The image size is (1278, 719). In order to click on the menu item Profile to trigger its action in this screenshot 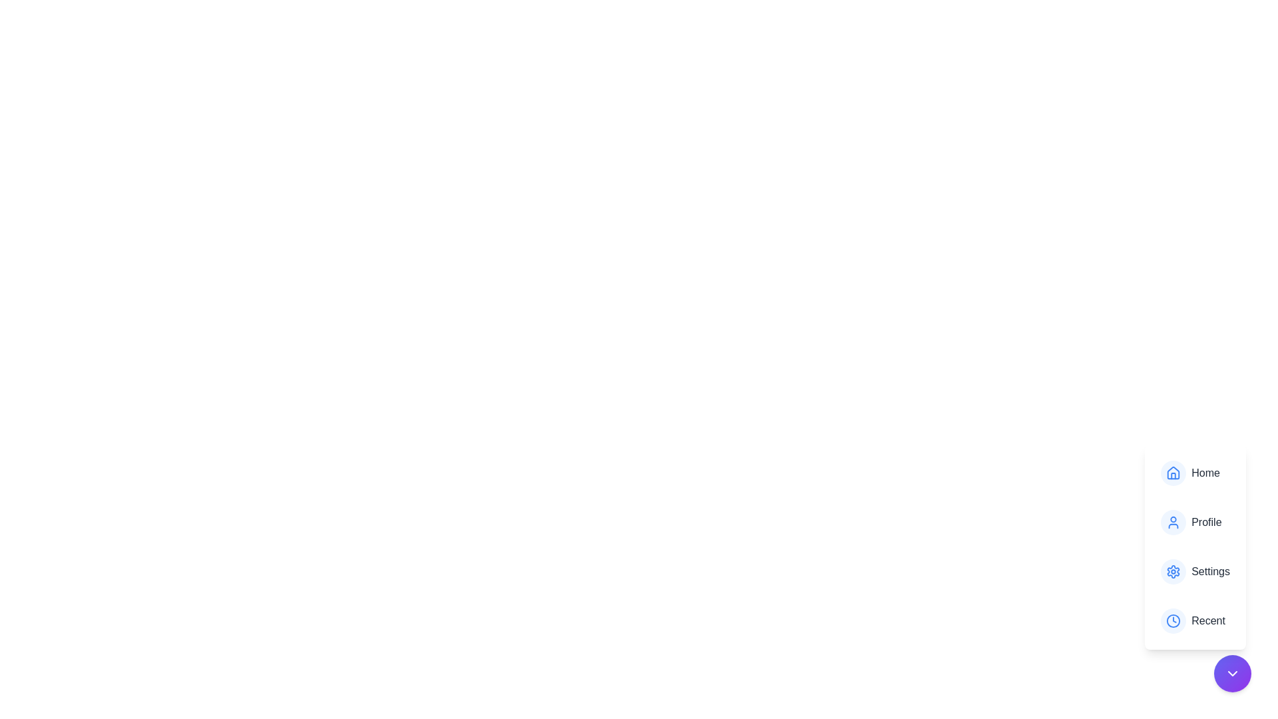, I will do `click(1195, 522)`.